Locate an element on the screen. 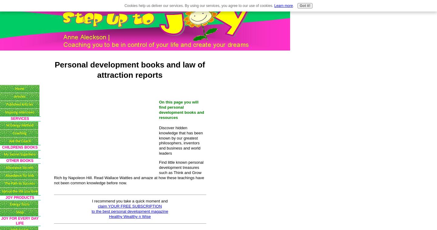 The height and width of the screenshot is (230, 437). 'CHILDRENS BOOKS' is located at coordinates (19, 147).